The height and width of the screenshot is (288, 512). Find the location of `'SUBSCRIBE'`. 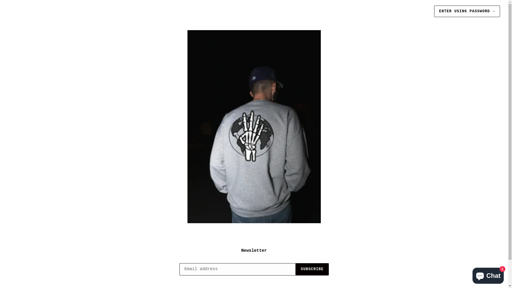

'SUBSCRIBE' is located at coordinates (312, 269).